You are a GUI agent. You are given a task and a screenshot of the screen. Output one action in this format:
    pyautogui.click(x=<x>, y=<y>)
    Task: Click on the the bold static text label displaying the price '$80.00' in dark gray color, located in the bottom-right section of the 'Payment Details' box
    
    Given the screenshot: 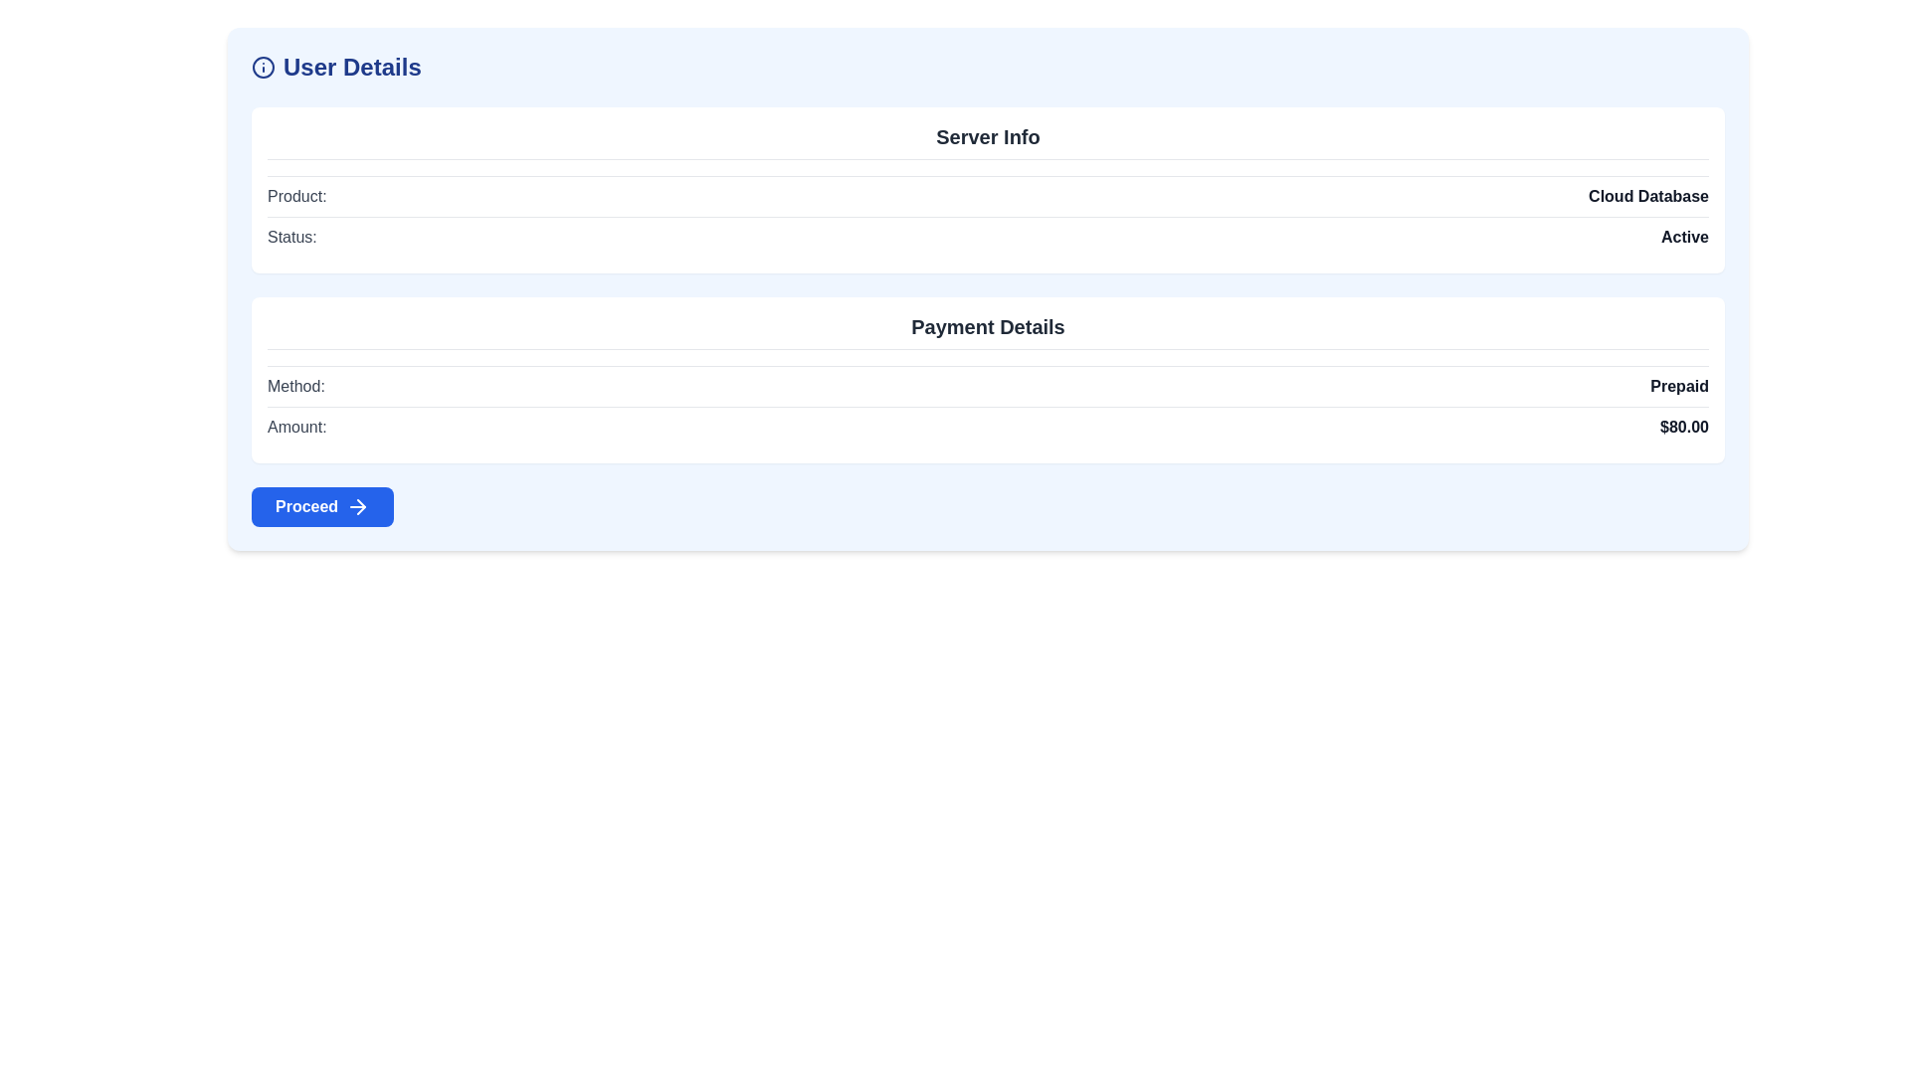 What is the action you would take?
    pyautogui.click(x=1683, y=426)
    